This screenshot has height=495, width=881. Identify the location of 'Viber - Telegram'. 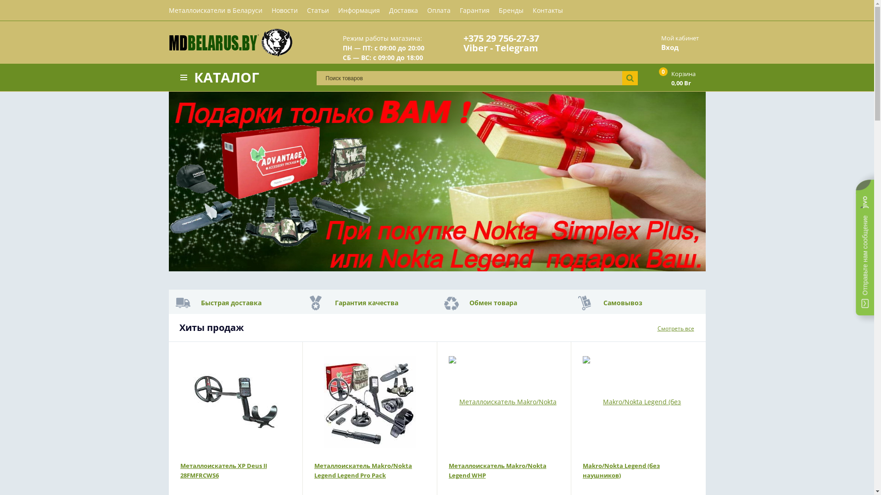
(500, 48).